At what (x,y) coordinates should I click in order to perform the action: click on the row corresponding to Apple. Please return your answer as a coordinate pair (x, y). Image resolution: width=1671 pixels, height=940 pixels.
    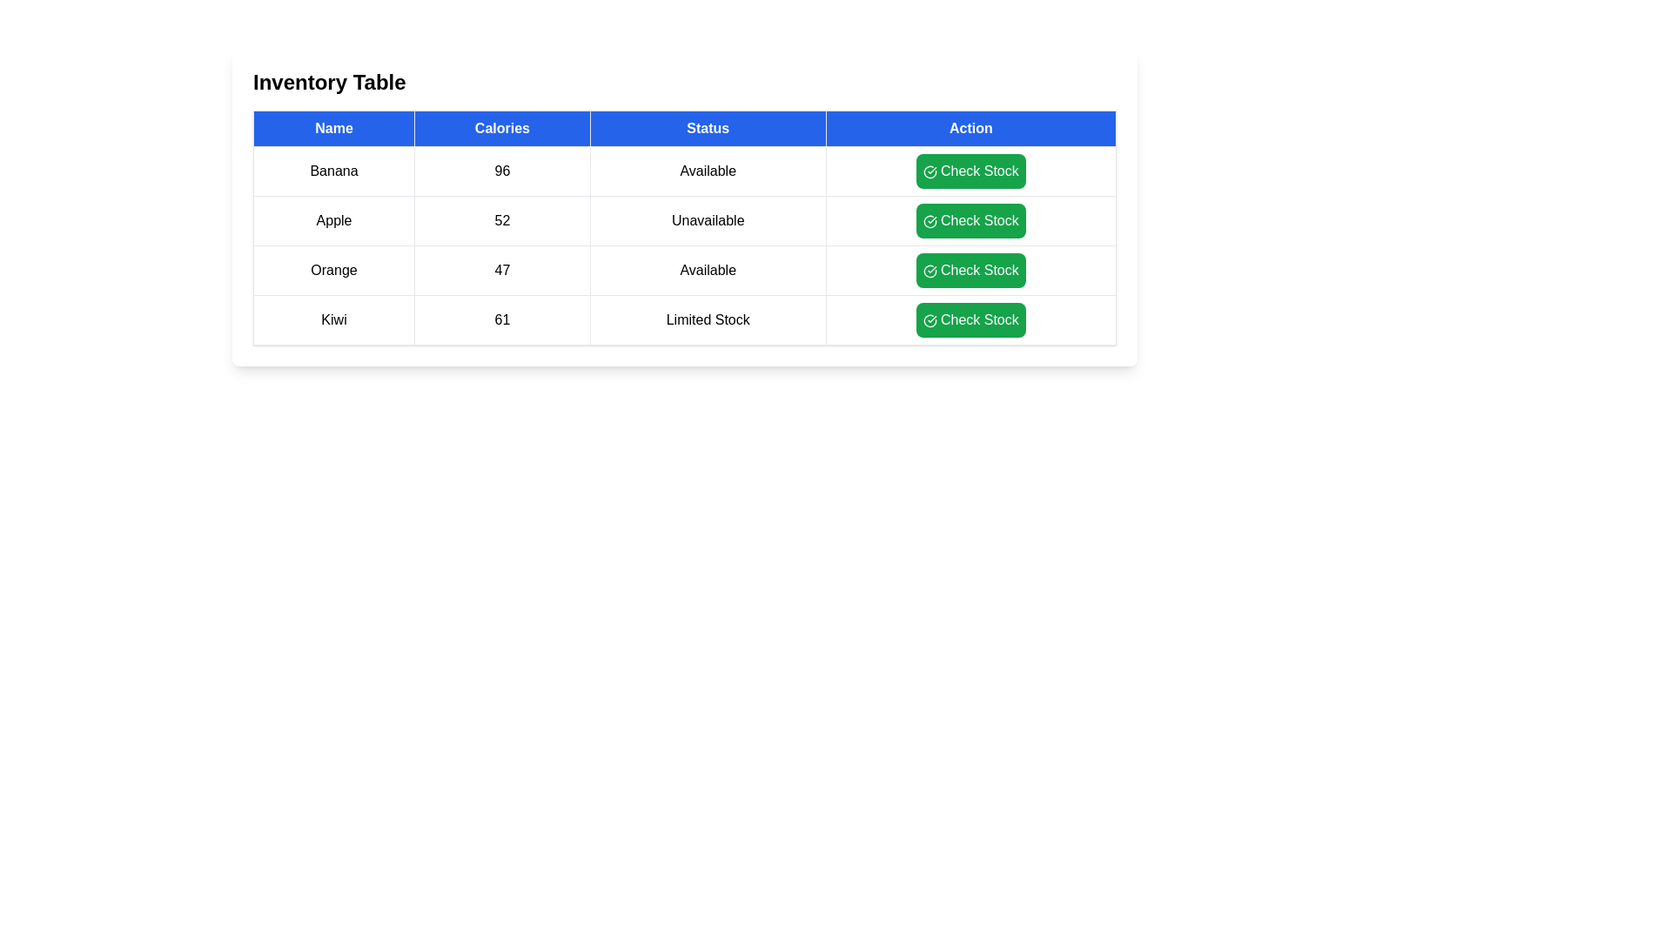
    Looking at the image, I should click on (684, 220).